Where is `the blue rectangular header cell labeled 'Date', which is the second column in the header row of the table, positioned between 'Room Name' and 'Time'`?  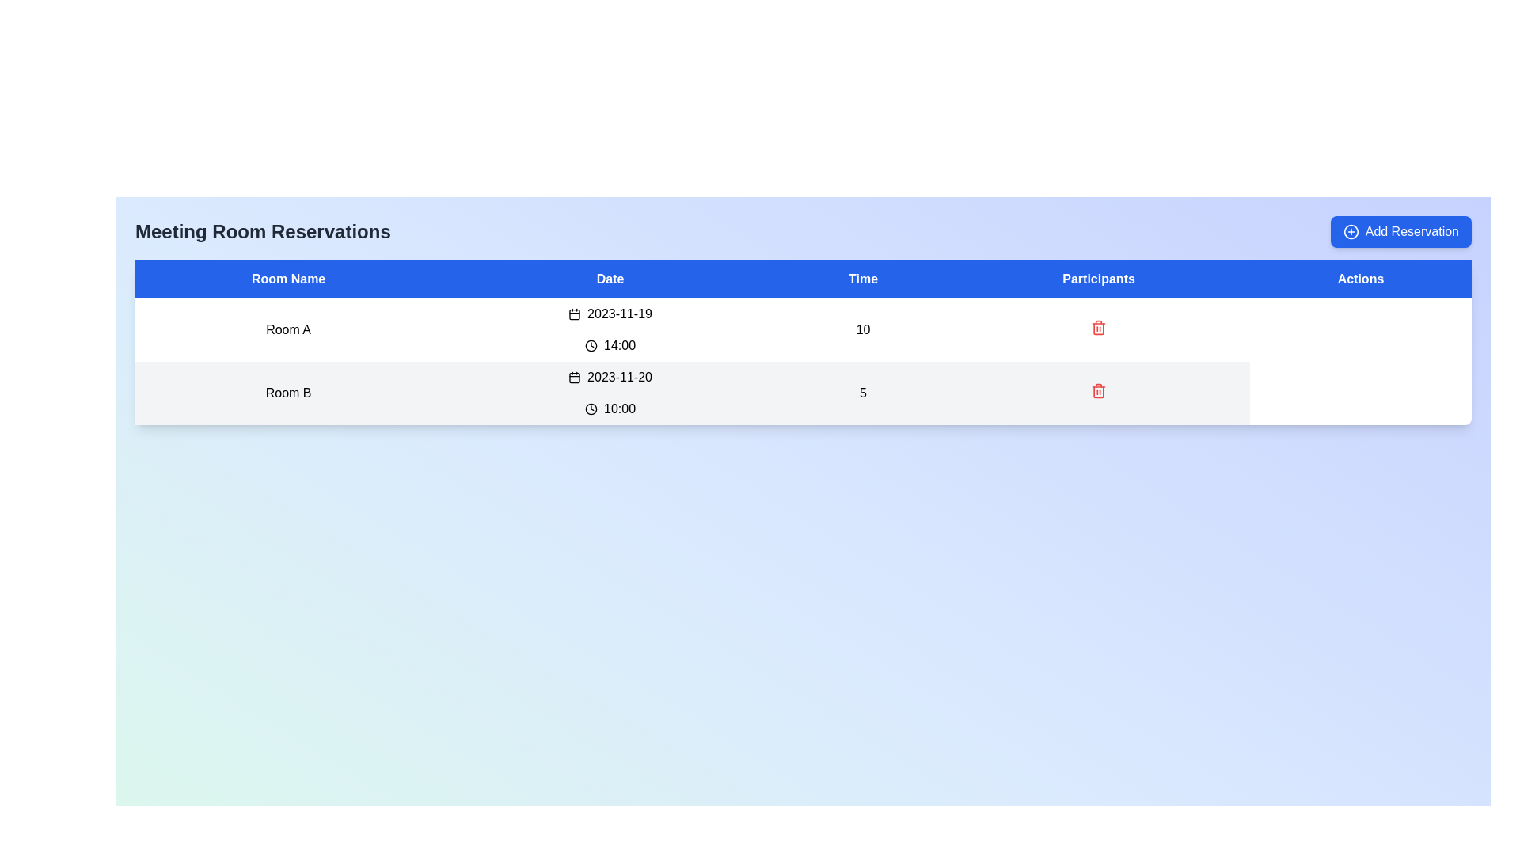 the blue rectangular header cell labeled 'Date', which is the second column in the header row of the table, positioned between 'Room Name' and 'Time' is located at coordinates (610, 279).